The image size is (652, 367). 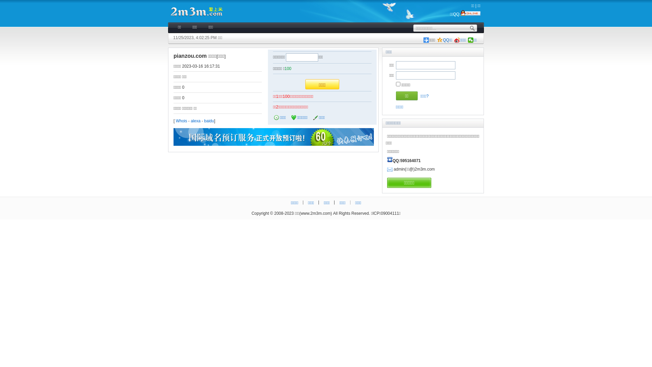 What do you see at coordinates (209, 120) in the screenshot?
I see `'baidu'` at bounding box center [209, 120].